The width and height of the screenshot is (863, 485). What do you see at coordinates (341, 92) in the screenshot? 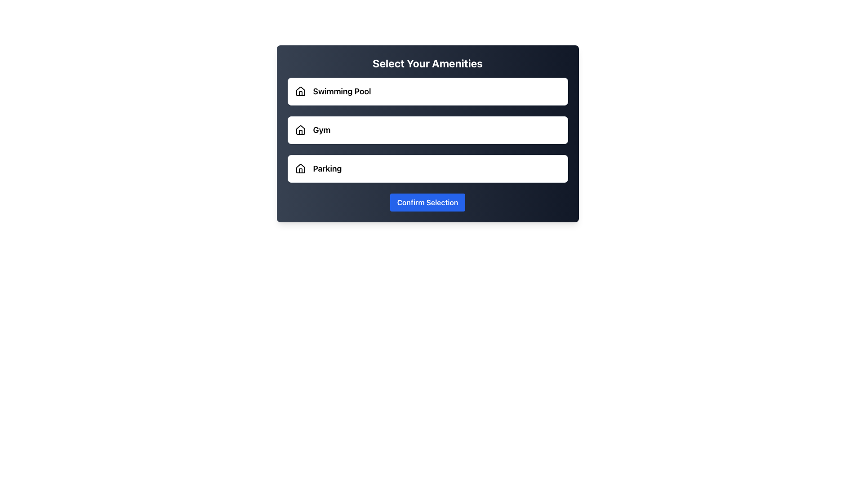
I see `the bold text label 'Swimming Pool', which is styled to stand out and is positioned to the right of a house icon in the first item of a vertical list of selectable amenities options` at bounding box center [341, 92].